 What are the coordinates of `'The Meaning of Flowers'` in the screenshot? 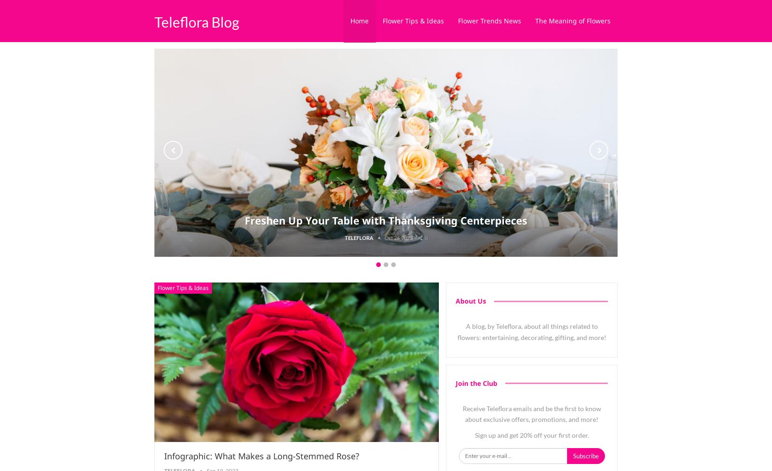 It's located at (573, 21).